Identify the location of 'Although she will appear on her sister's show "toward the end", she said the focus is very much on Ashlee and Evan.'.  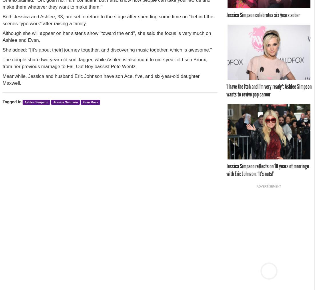
(106, 36).